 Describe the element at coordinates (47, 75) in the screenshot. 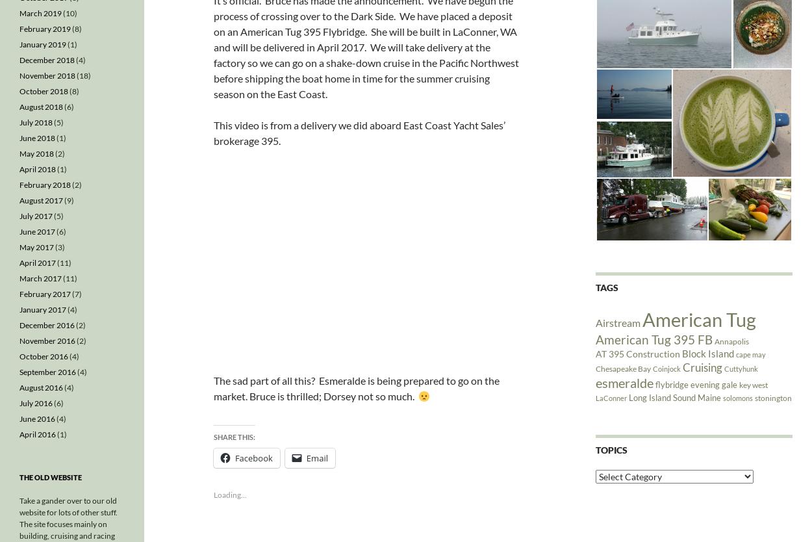

I see `'November 2018'` at that location.